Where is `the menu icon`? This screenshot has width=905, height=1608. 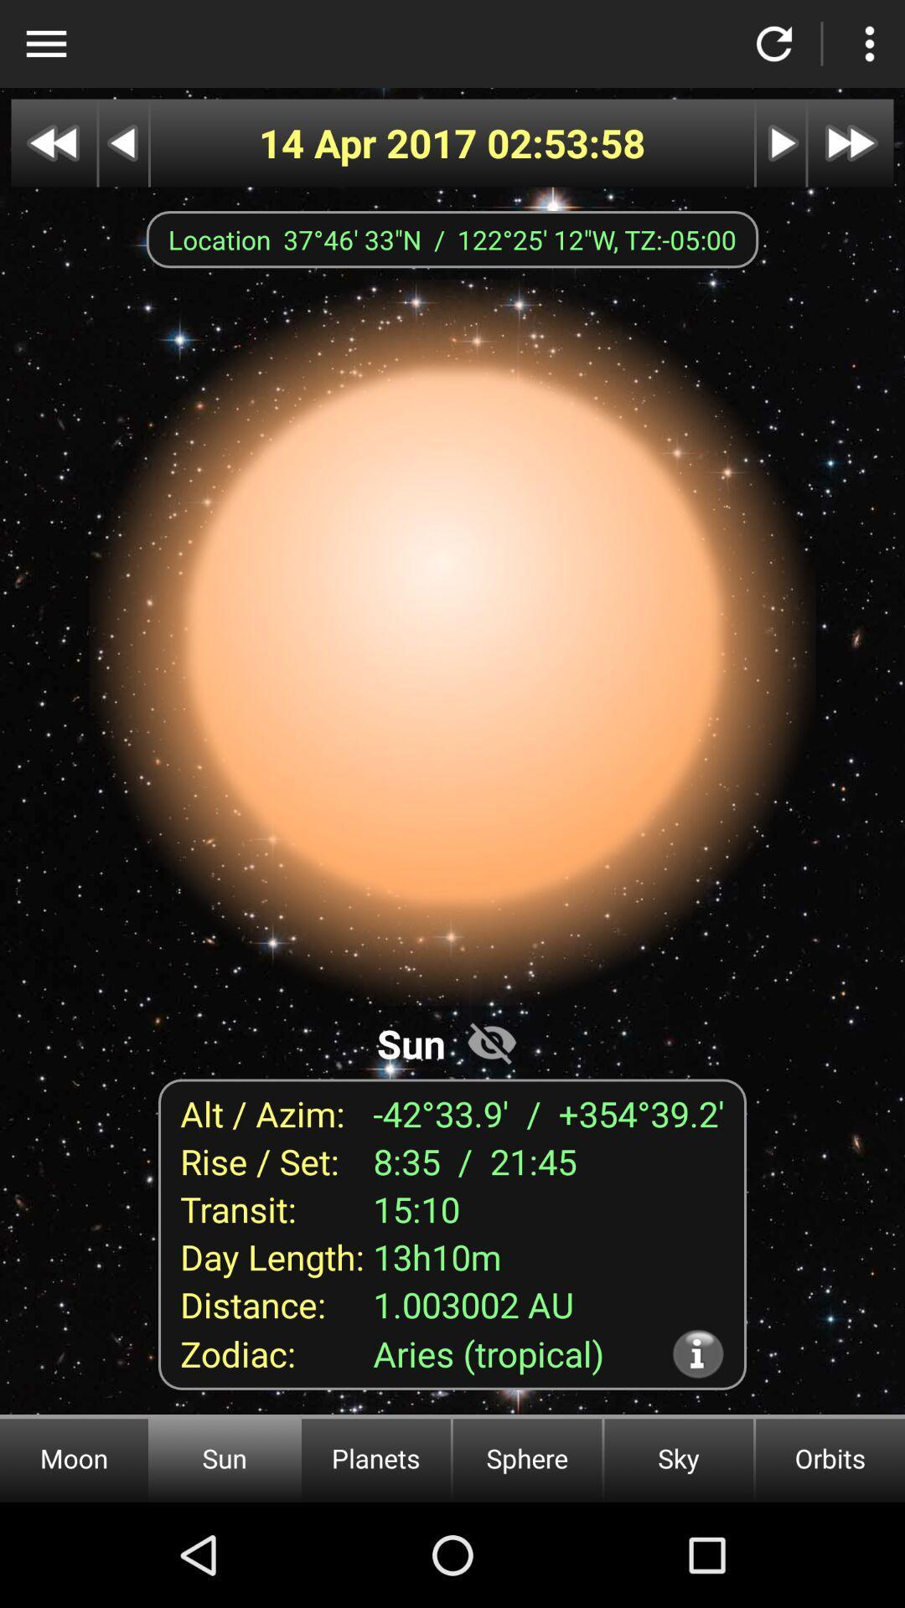 the menu icon is located at coordinates (45, 44).